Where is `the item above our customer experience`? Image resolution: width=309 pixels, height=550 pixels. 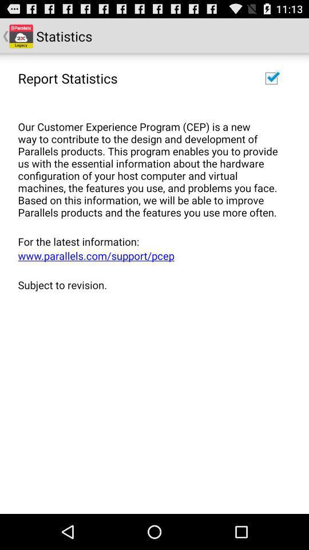 the item above our customer experience is located at coordinates (68, 77).